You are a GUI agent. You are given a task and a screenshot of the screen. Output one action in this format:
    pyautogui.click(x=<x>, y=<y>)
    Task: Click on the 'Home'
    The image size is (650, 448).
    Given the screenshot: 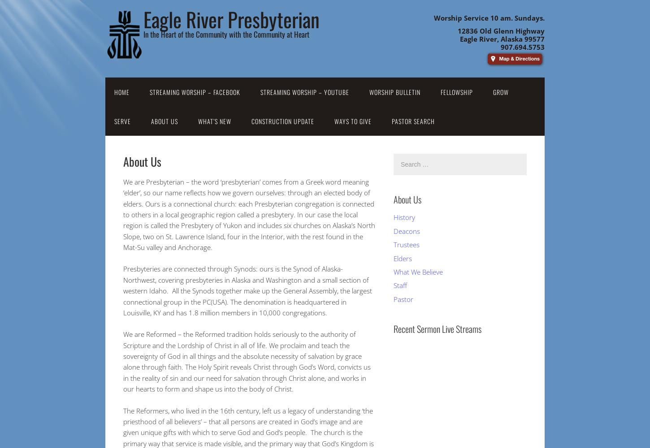 What is the action you would take?
    pyautogui.click(x=122, y=91)
    